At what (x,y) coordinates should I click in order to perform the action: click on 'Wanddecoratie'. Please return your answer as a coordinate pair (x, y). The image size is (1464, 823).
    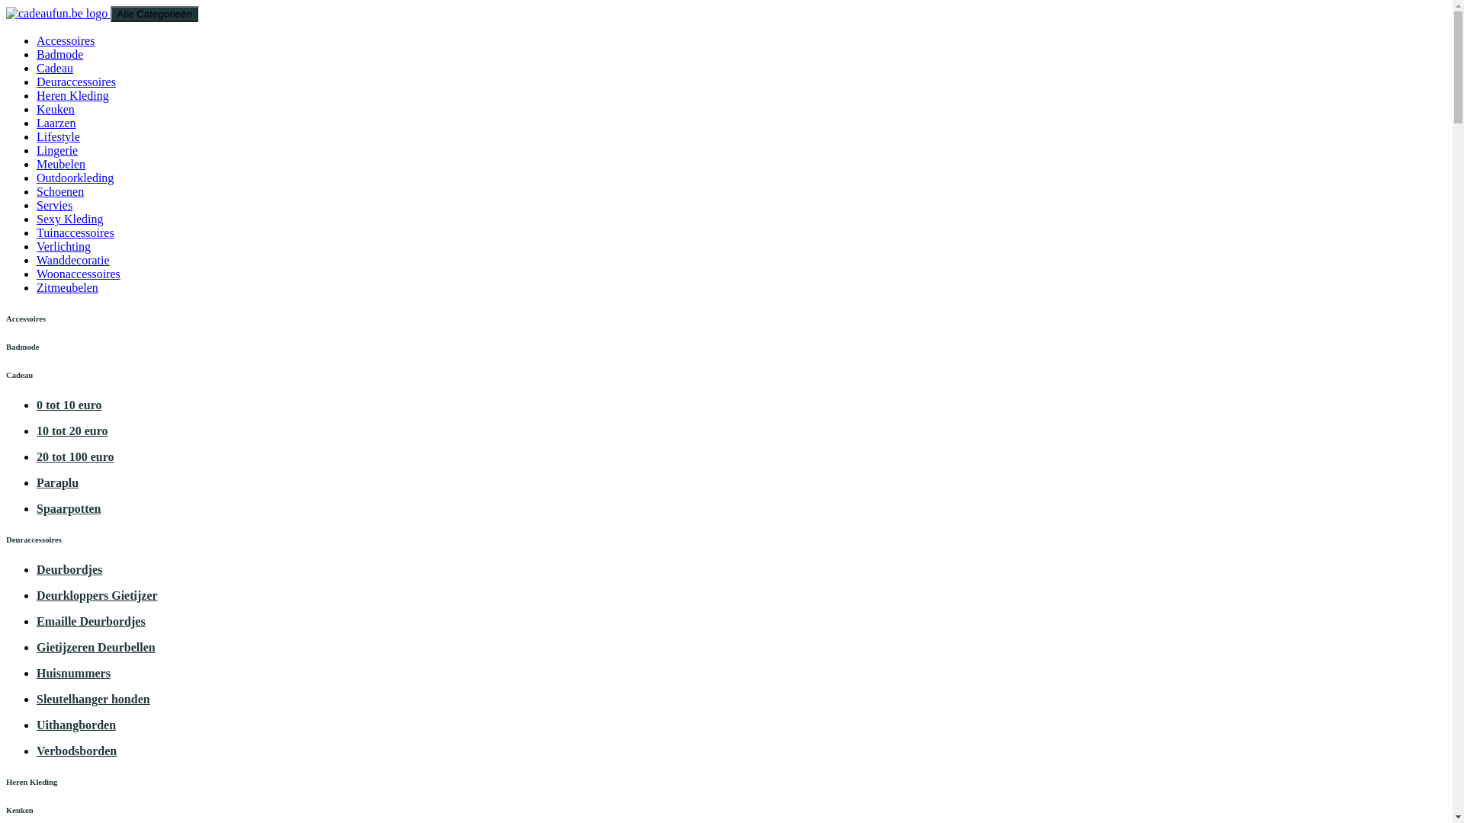
    Looking at the image, I should click on (37, 259).